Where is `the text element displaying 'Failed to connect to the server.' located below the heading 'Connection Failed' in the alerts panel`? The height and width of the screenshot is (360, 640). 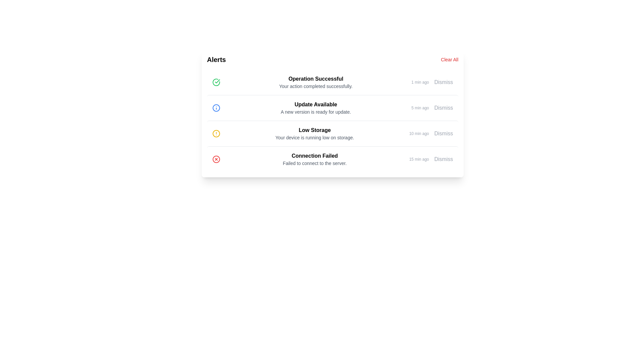 the text element displaying 'Failed to connect to the server.' located below the heading 'Connection Failed' in the alerts panel is located at coordinates (314, 163).